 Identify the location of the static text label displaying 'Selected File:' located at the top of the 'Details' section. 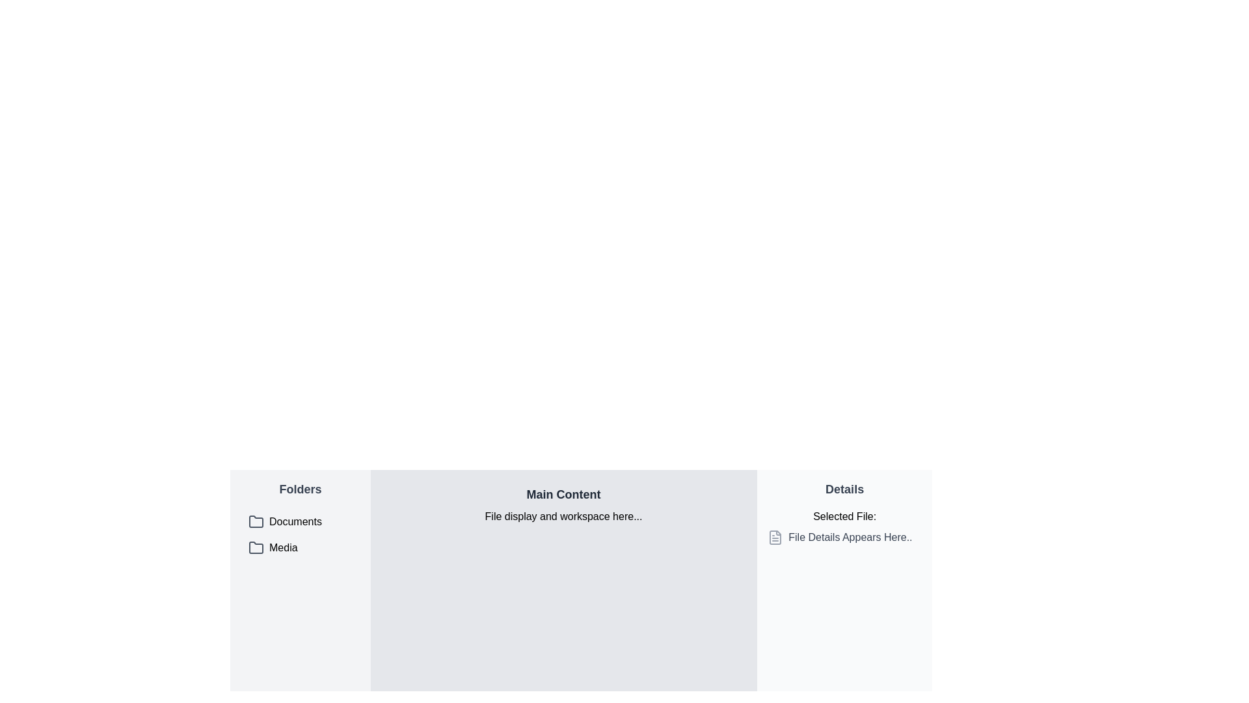
(844, 516).